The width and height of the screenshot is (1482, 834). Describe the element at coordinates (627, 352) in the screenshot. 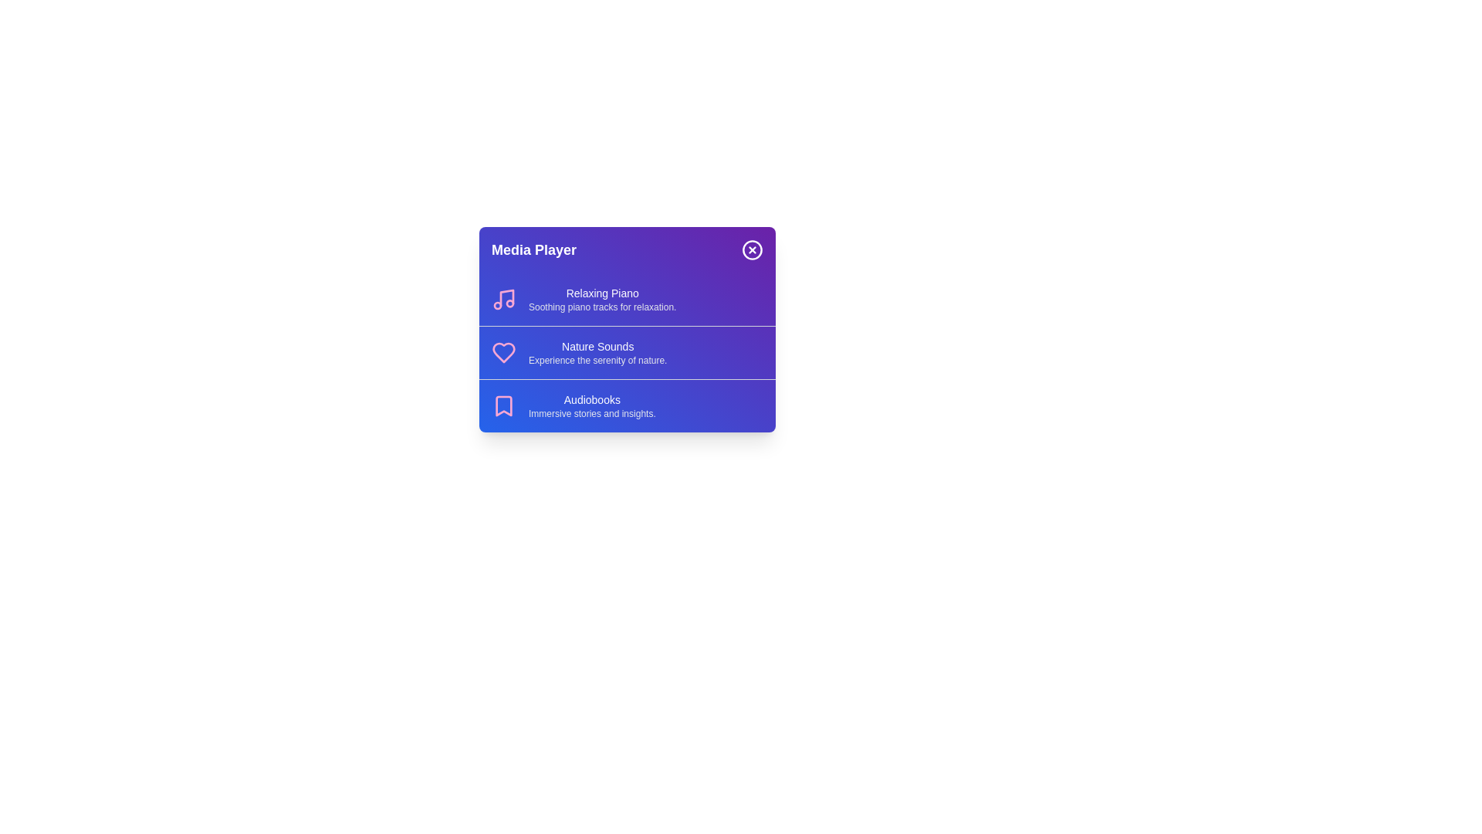

I see `the media item Nature Sounds from the menu` at that location.